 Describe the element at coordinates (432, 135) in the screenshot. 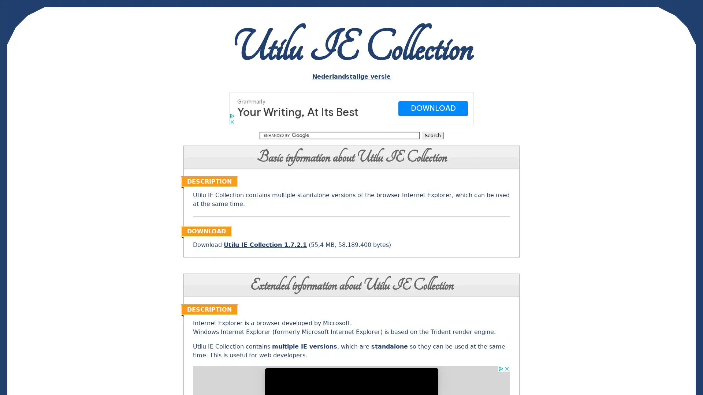

I see `Search` at that location.